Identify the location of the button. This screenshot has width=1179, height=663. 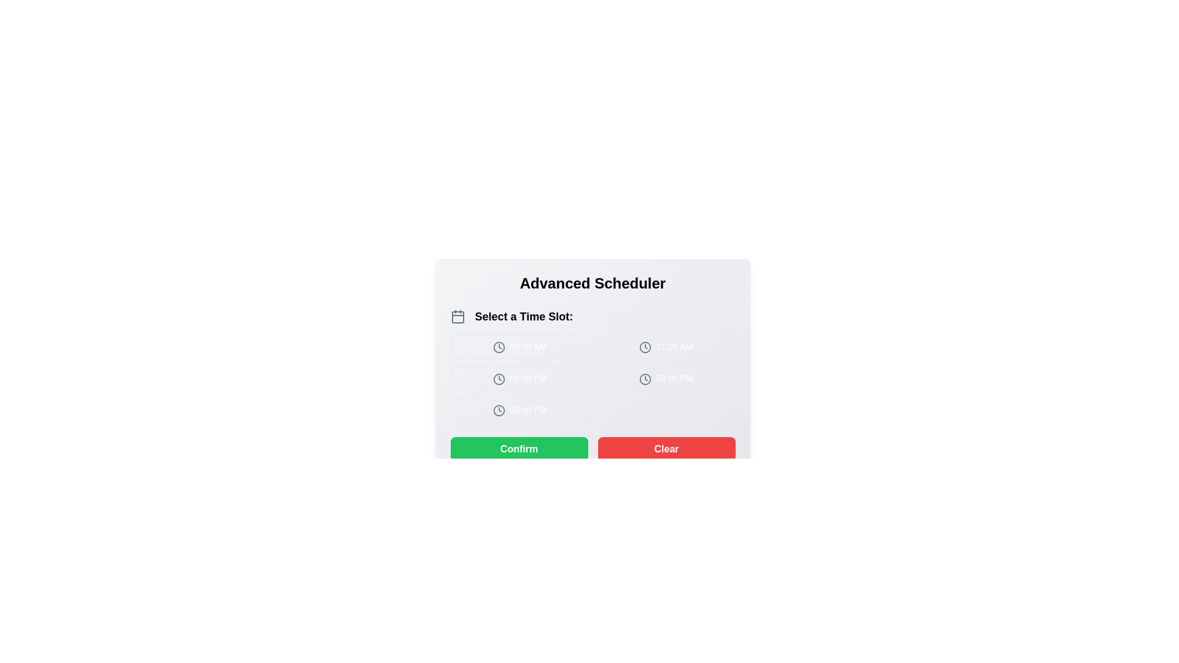
(519, 347).